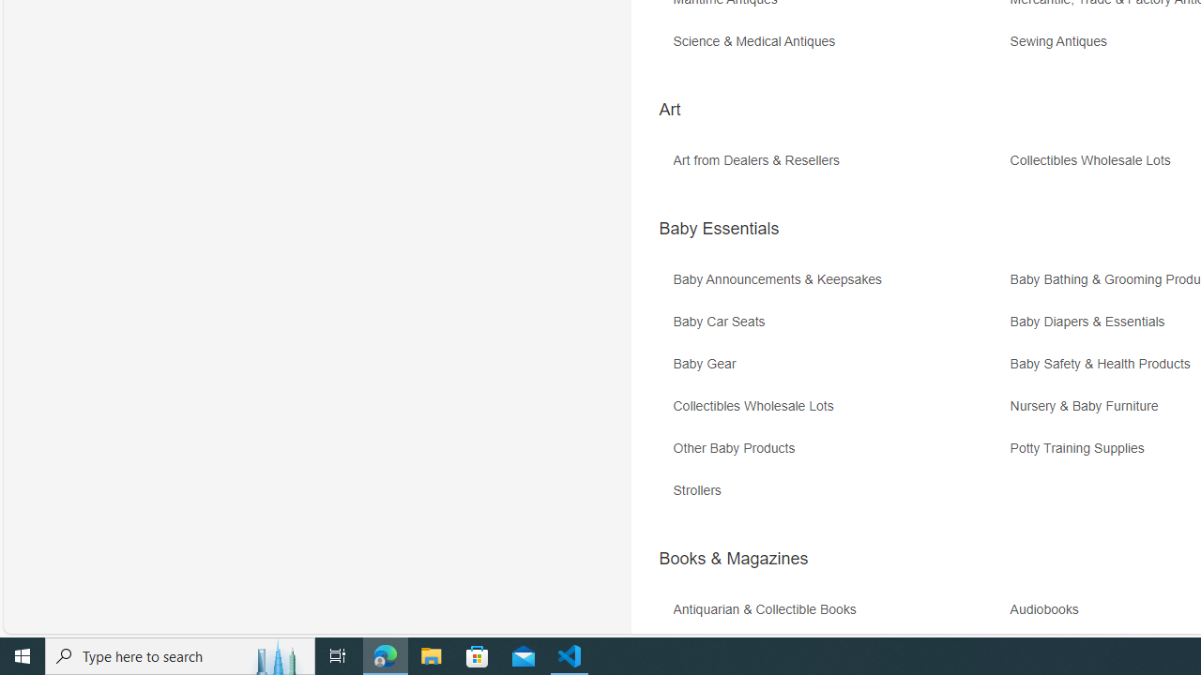 The height and width of the screenshot is (675, 1201). Describe the element at coordinates (1063, 41) in the screenshot. I see `'Sewing Antiques'` at that location.